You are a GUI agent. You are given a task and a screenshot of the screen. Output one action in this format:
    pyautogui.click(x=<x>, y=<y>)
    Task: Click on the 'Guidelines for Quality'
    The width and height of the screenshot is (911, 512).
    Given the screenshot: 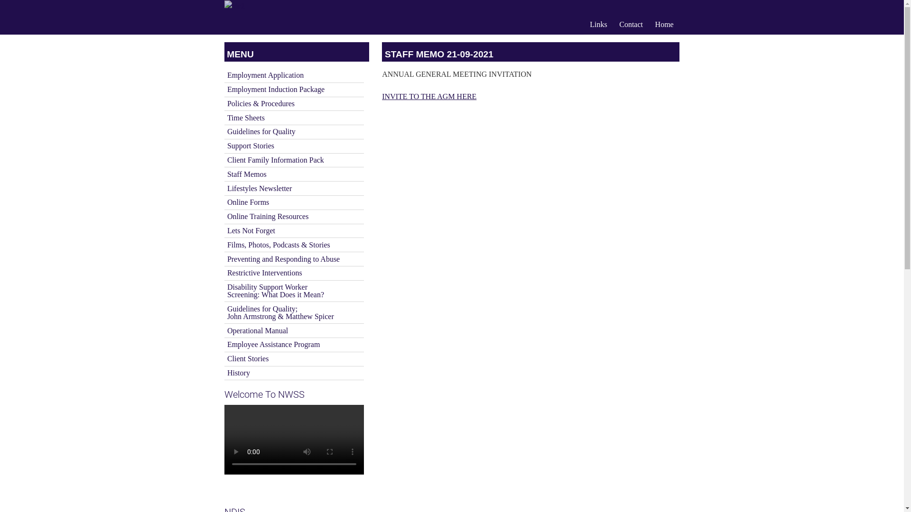 What is the action you would take?
    pyautogui.click(x=293, y=132)
    